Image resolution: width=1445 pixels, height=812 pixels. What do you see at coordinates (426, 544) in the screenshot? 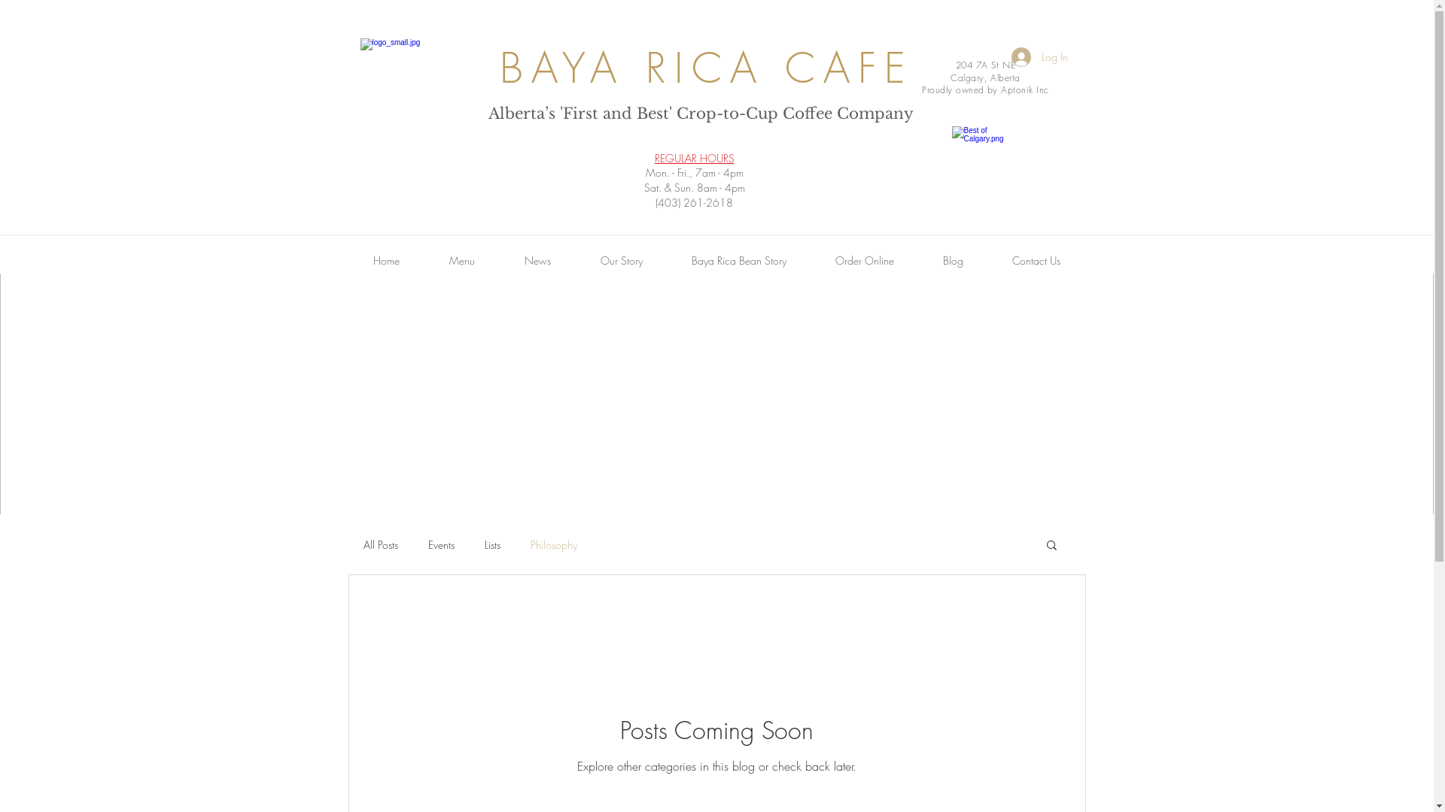
I see `'Events'` at bounding box center [426, 544].